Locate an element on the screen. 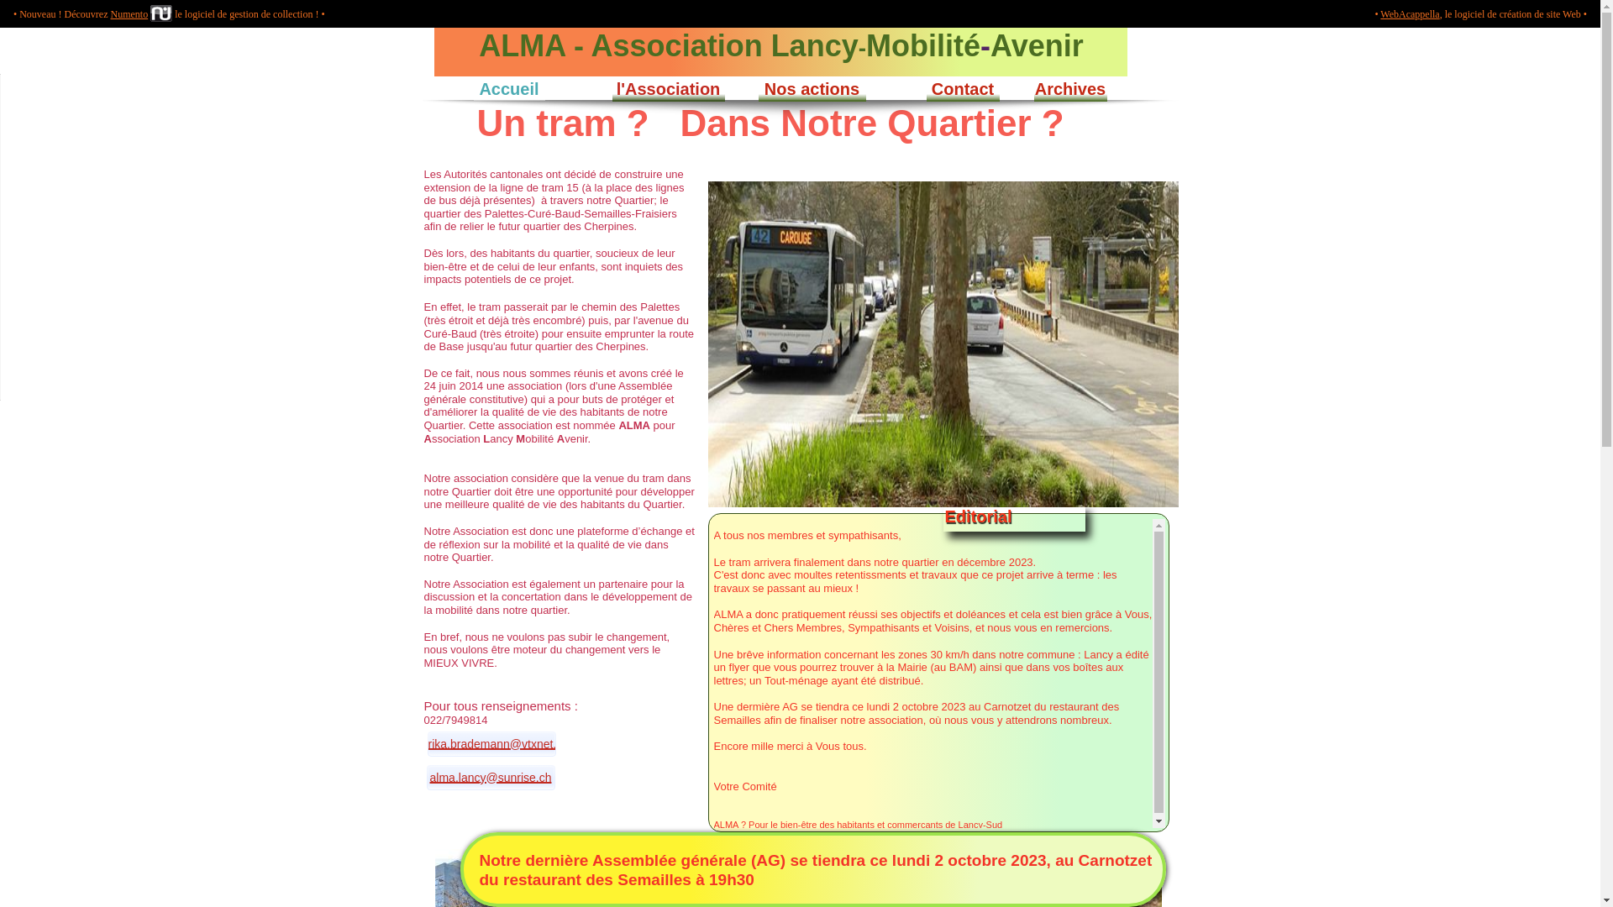 The width and height of the screenshot is (1613, 907). 'Accueil' is located at coordinates (507, 88).